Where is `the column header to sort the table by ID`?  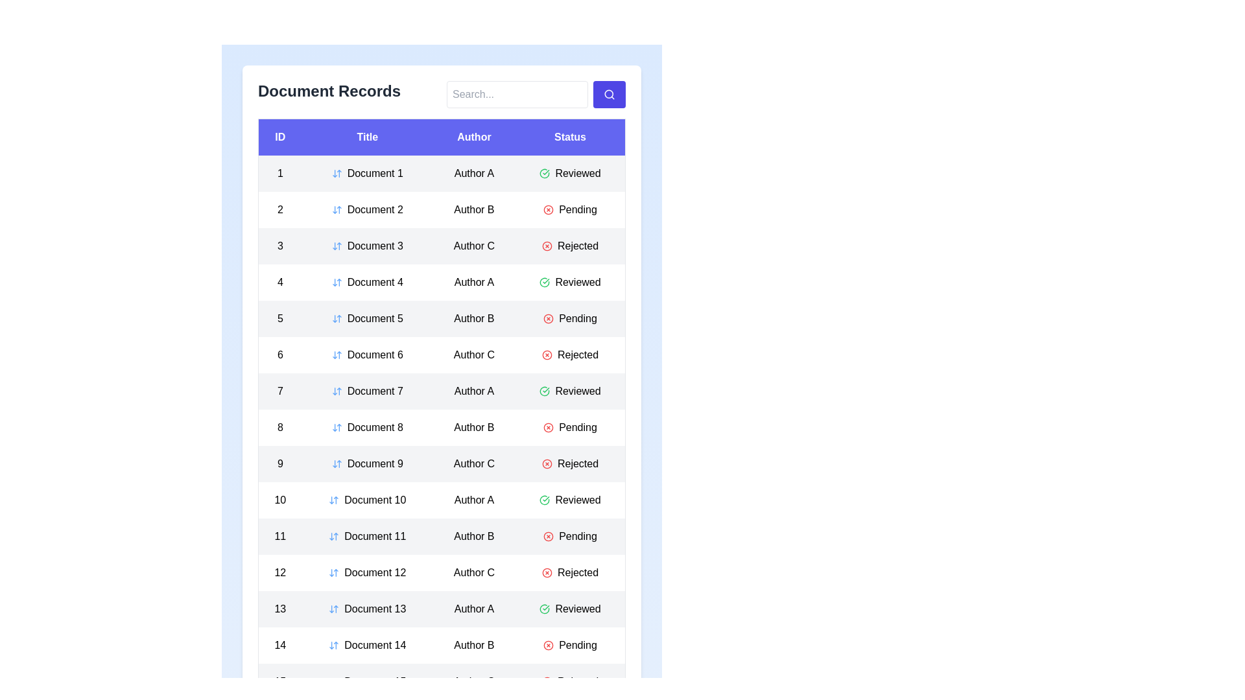 the column header to sort the table by ID is located at coordinates (279, 137).